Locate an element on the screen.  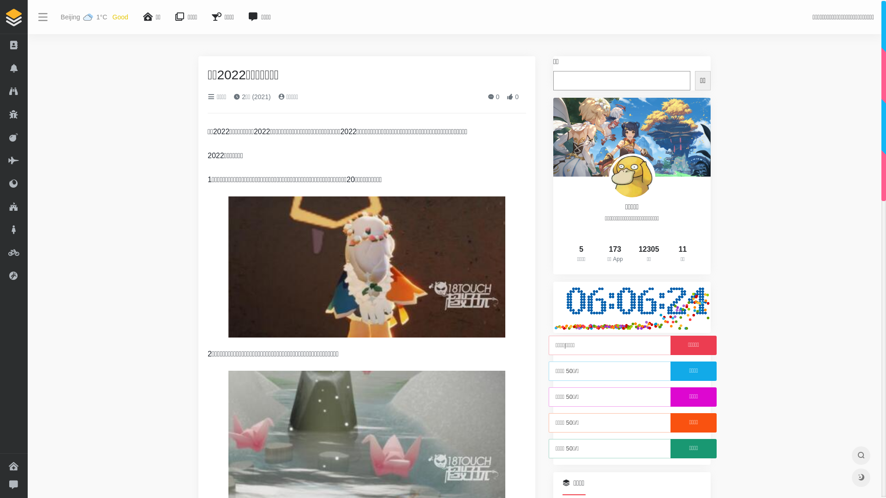
'0' is located at coordinates (512, 96).